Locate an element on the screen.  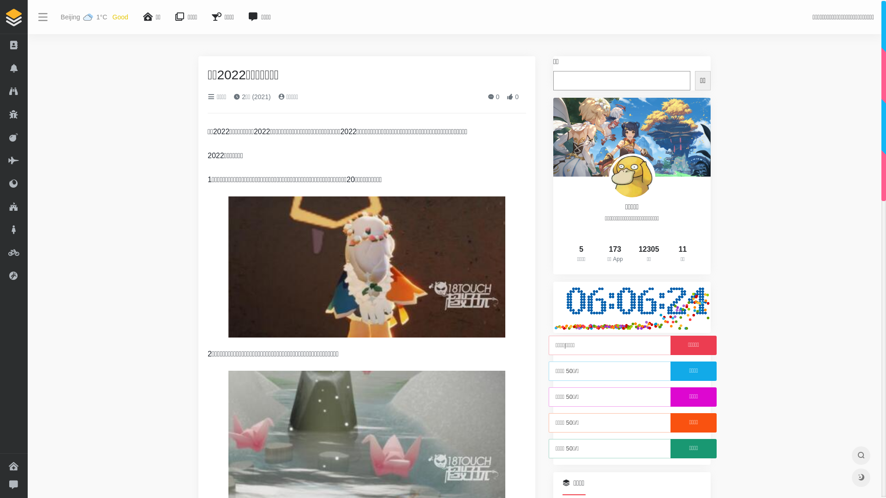
'0' is located at coordinates (512, 96).